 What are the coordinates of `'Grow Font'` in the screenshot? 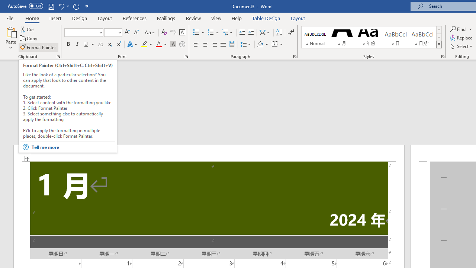 It's located at (127, 32).